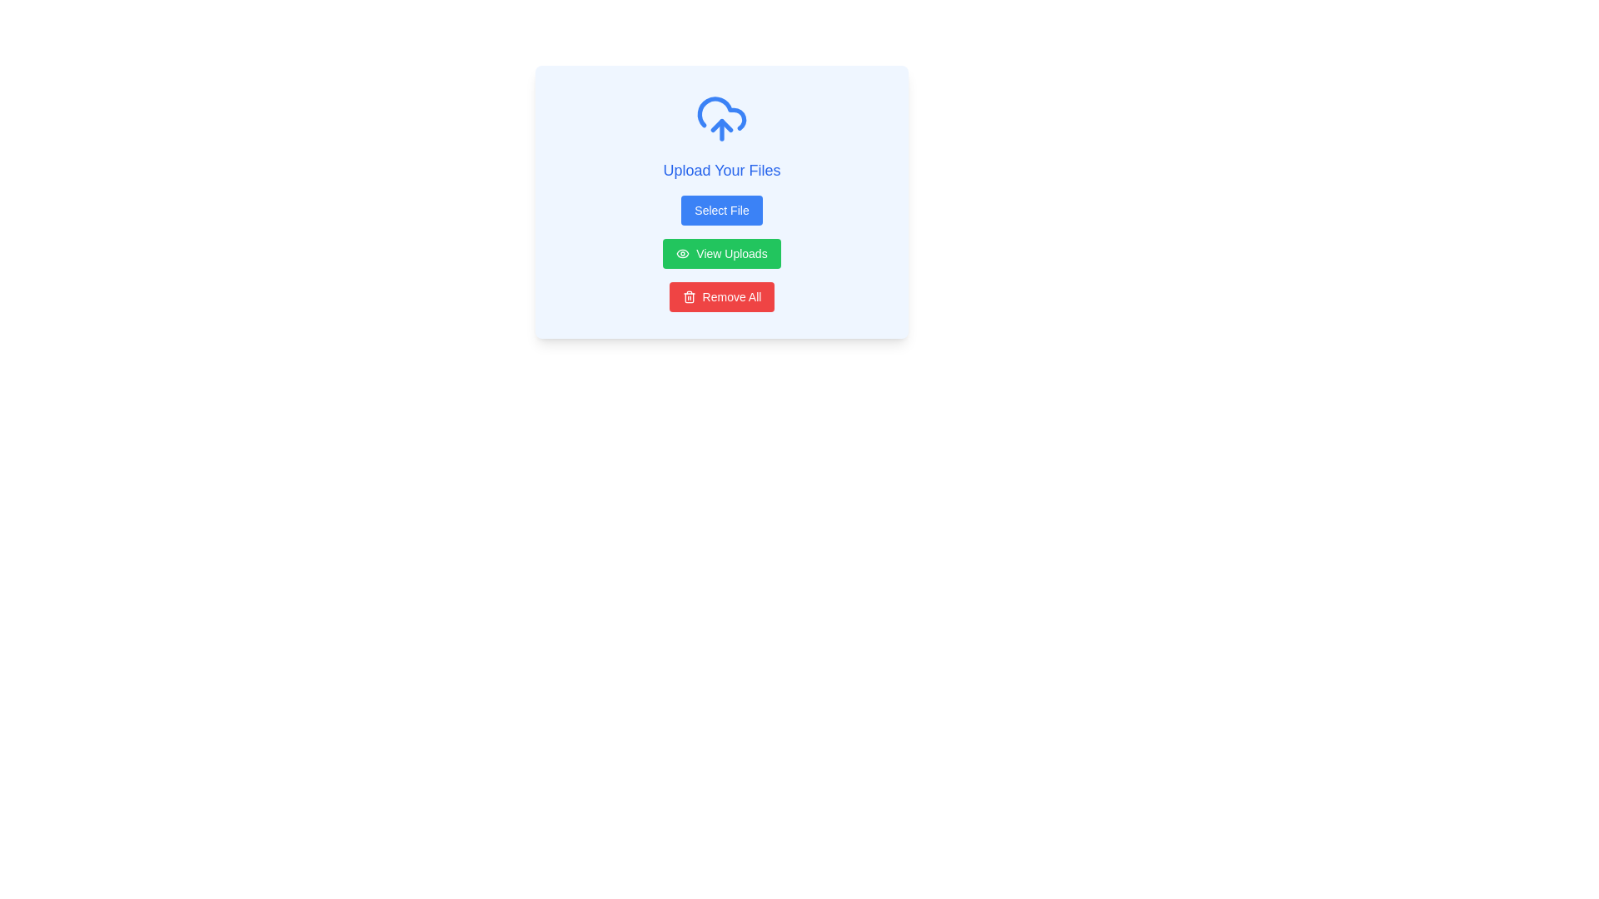  What do you see at coordinates (722, 253) in the screenshot?
I see `the rectangular green button labeled 'View Uploads' with a white text and an eye icon` at bounding box center [722, 253].